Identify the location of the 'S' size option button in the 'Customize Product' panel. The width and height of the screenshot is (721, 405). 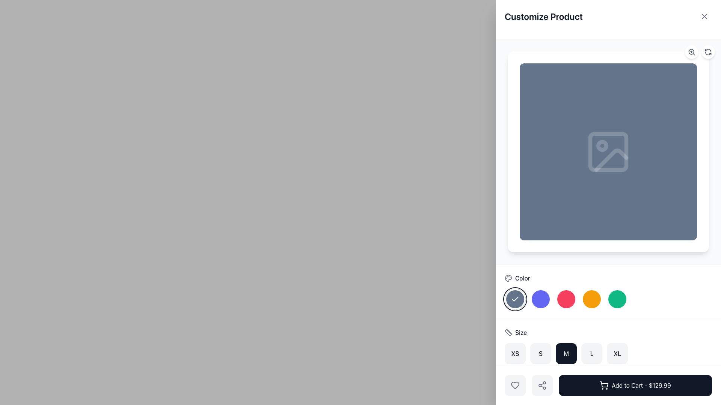
(541, 353).